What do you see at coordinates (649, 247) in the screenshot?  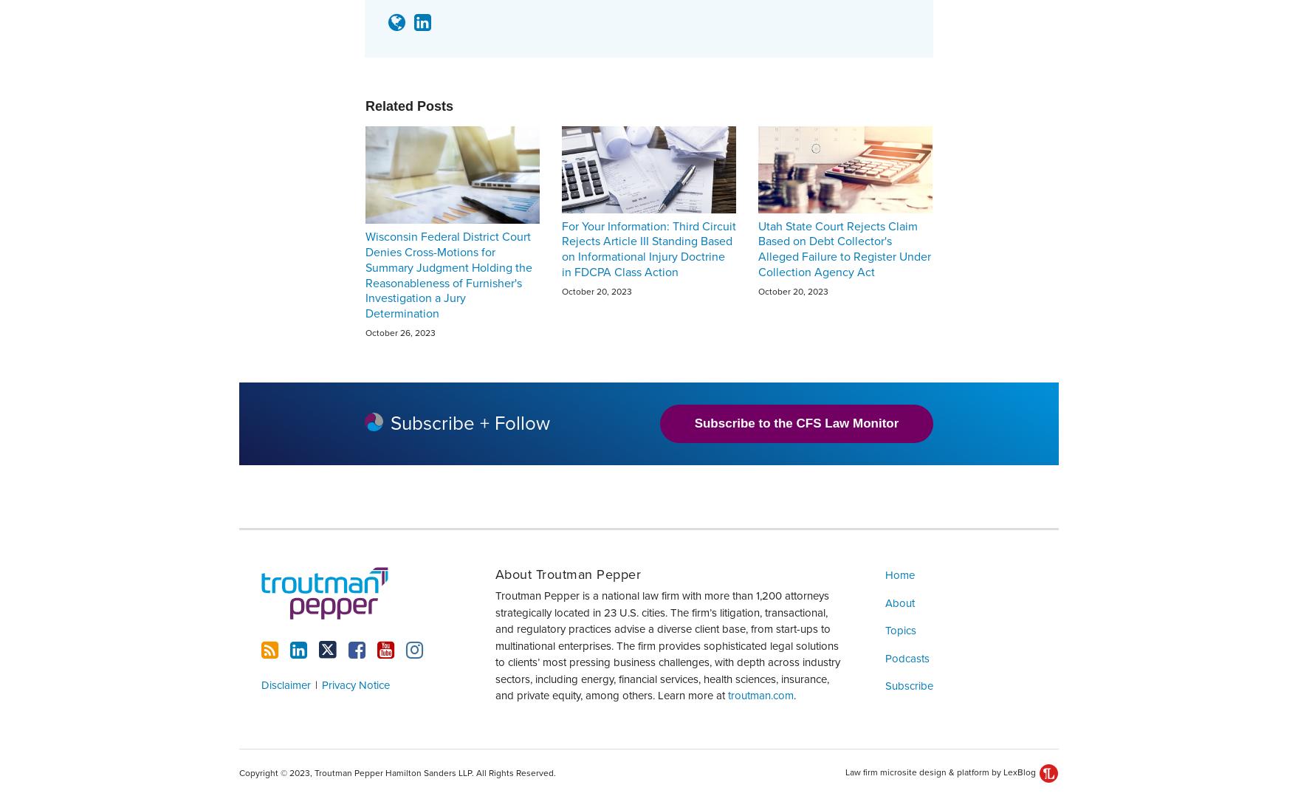 I see `'For Your Information: Third Circuit Rejects Article III Standing Based on Informational Injury Doctrine in FDCPA Class Action'` at bounding box center [649, 247].